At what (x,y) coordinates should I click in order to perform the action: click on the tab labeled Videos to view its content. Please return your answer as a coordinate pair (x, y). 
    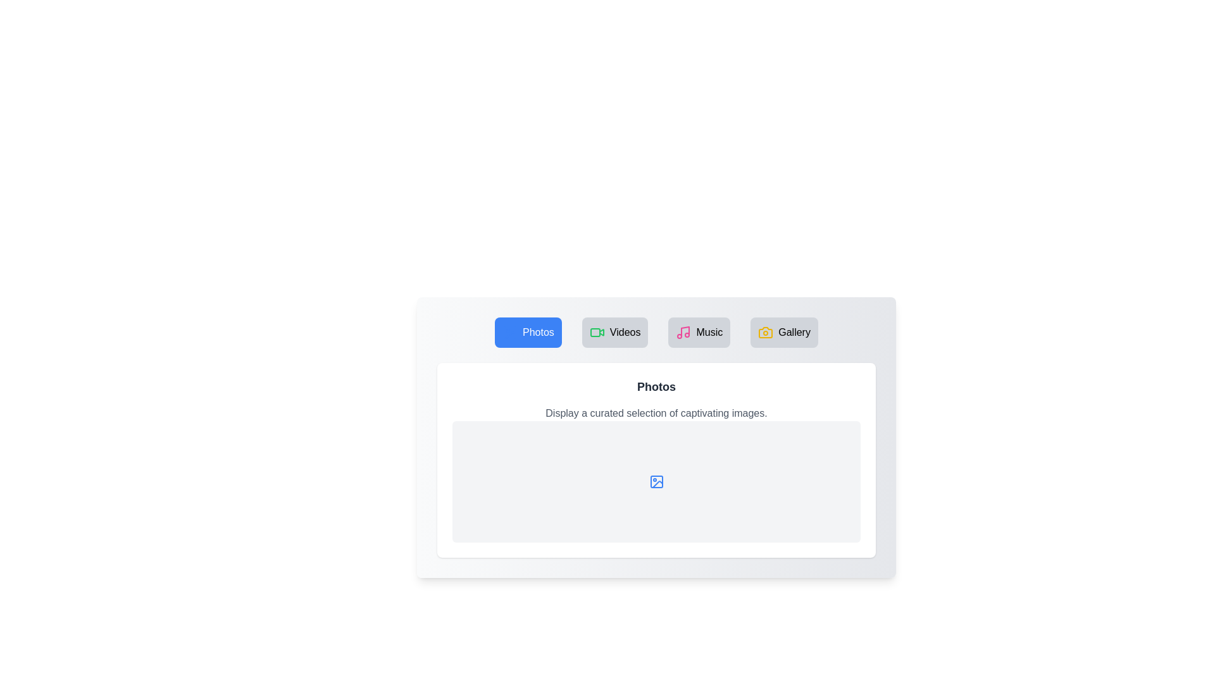
    Looking at the image, I should click on (615, 331).